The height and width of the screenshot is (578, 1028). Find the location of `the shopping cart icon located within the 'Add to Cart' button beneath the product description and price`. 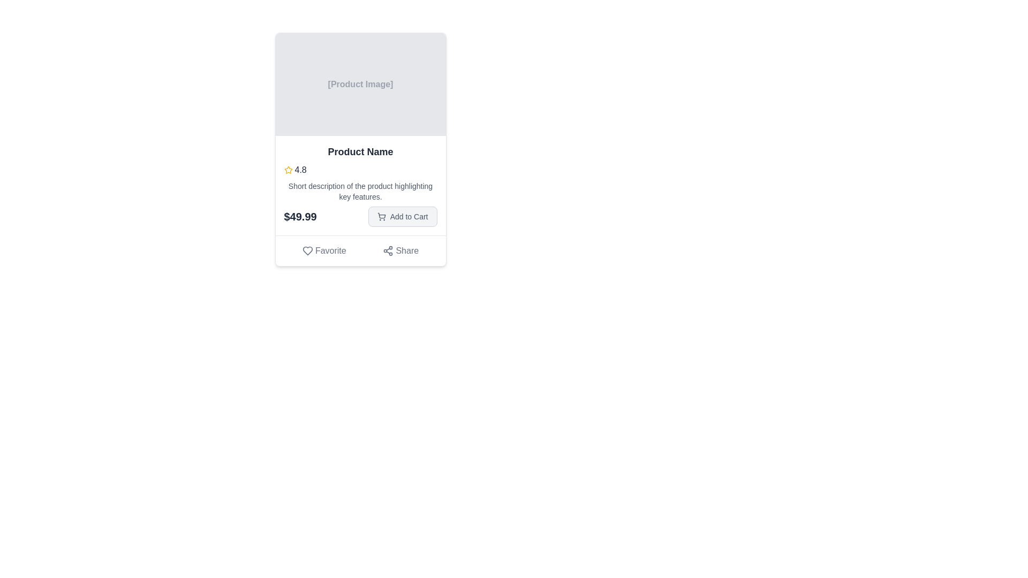

the shopping cart icon located within the 'Add to Cart' button beneath the product description and price is located at coordinates (381, 216).